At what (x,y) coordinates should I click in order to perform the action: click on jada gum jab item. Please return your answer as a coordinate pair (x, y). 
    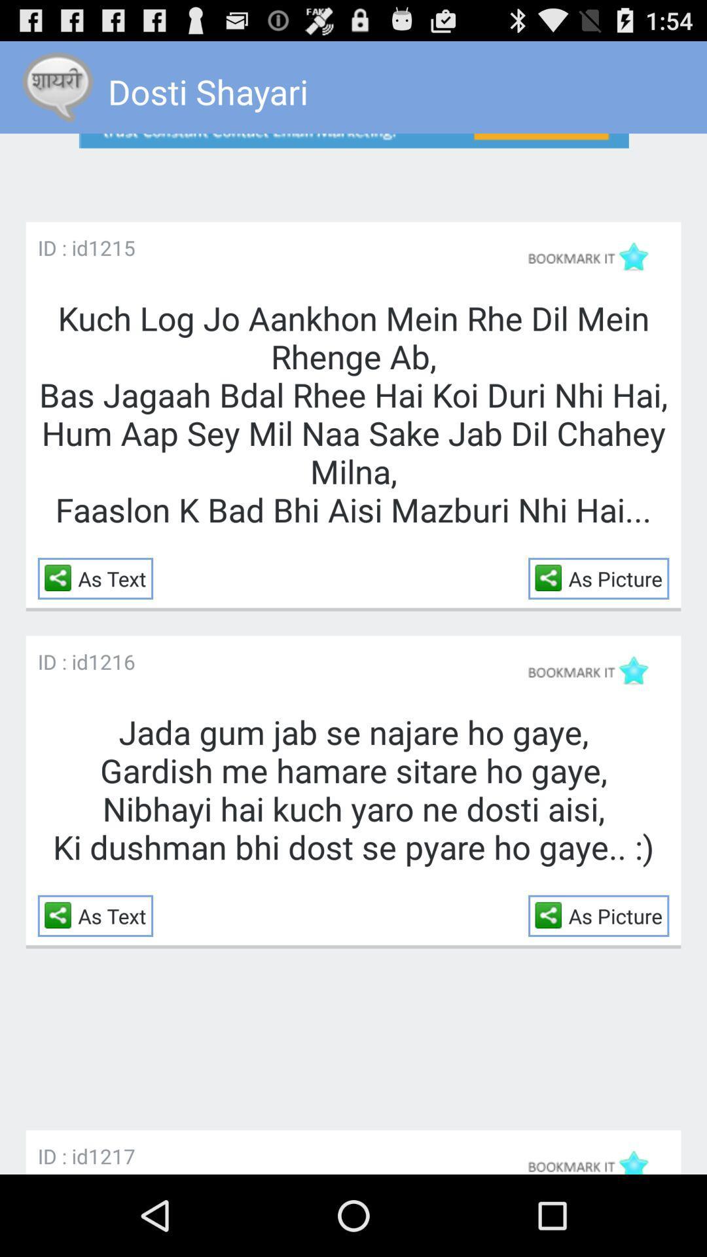
    Looking at the image, I should click on (353, 788).